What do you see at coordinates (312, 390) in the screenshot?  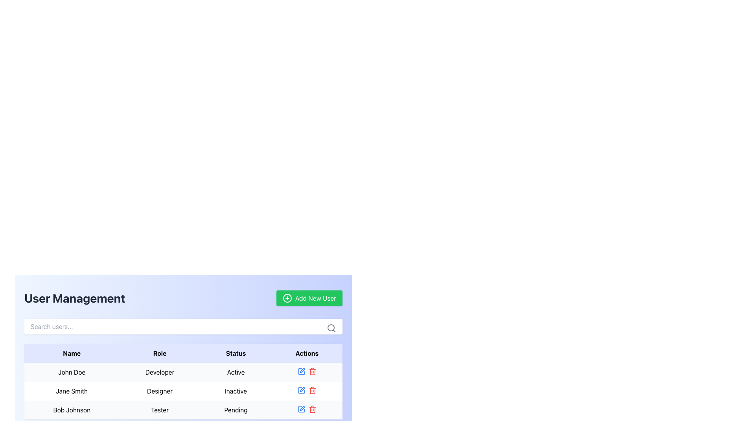 I see `the delete button located` at bounding box center [312, 390].